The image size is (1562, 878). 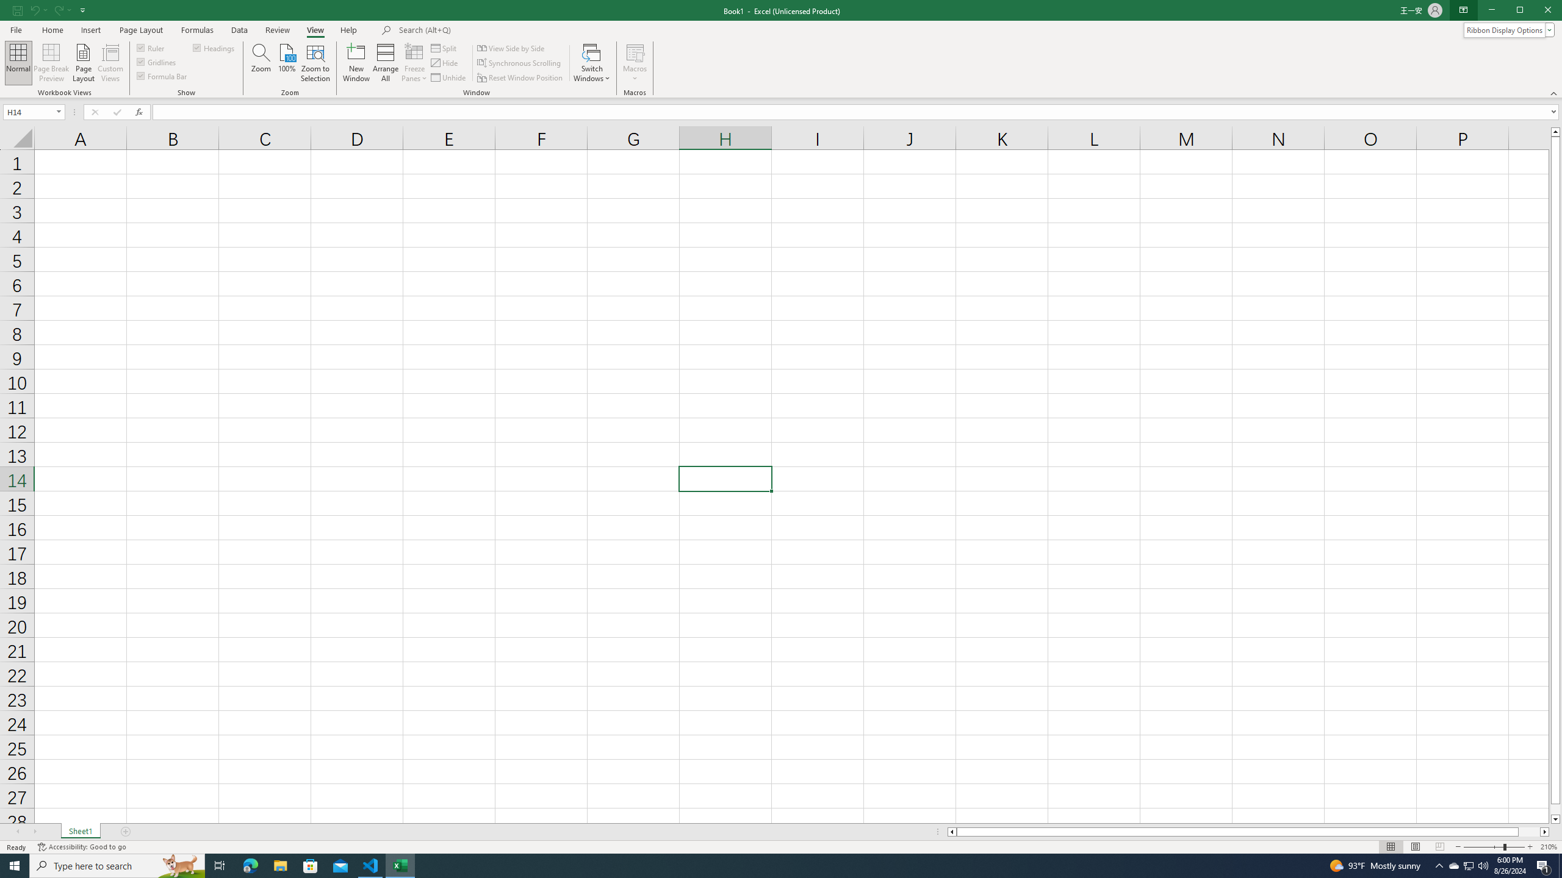 What do you see at coordinates (110, 63) in the screenshot?
I see `'Custom Views...'` at bounding box center [110, 63].